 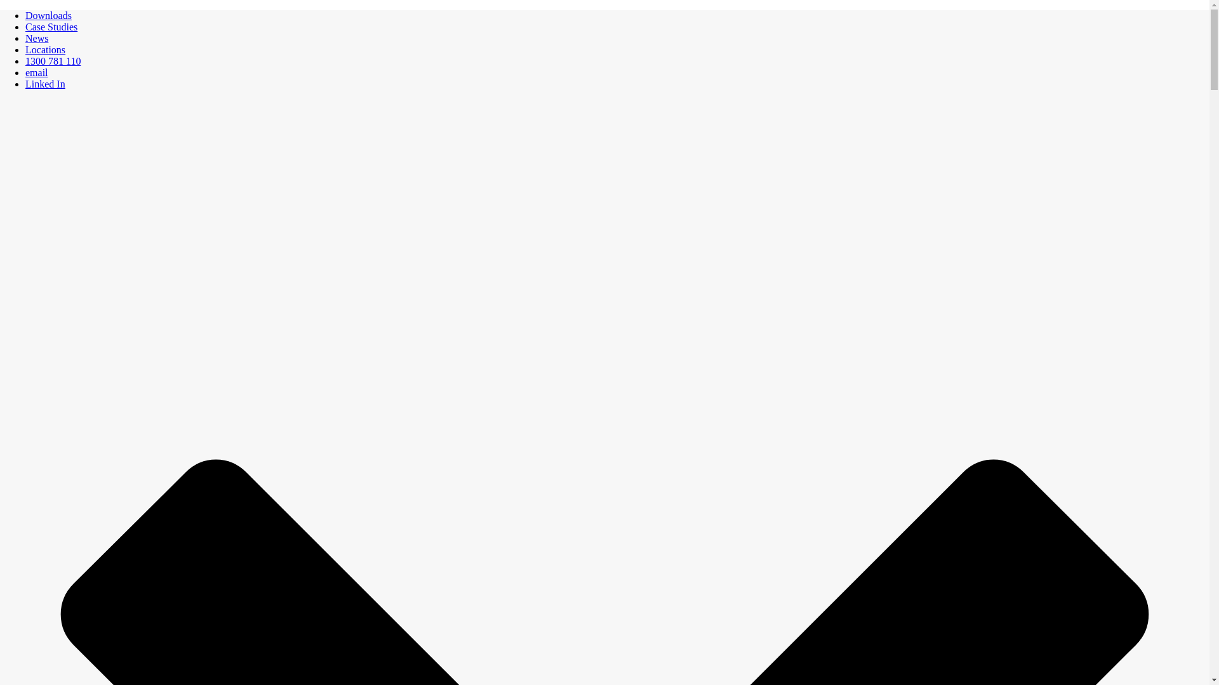 What do you see at coordinates (25, 49) in the screenshot?
I see `'Locations'` at bounding box center [25, 49].